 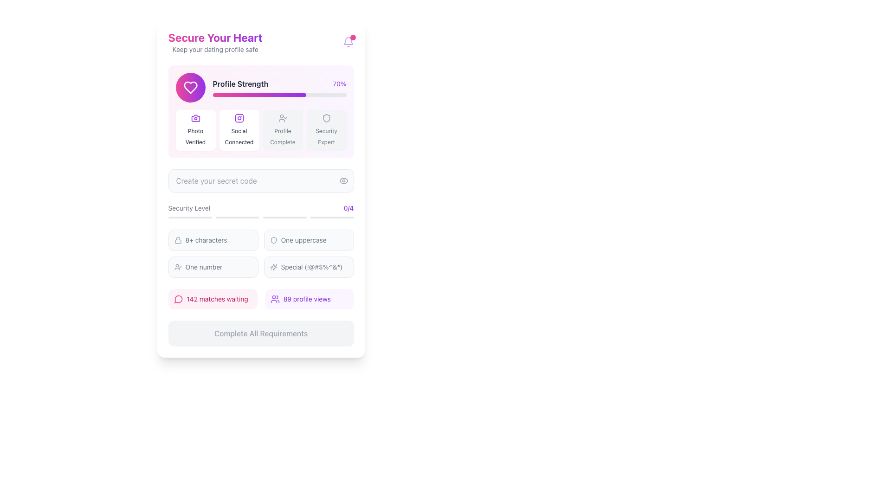 What do you see at coordinates (215, 50) in the screenshot?
I see `the text label that reads 'Keep your dating profile safe', which is a small gray font positioned directly below the bold header 'Secure Your Heart'` at bounding box center [215, 50].